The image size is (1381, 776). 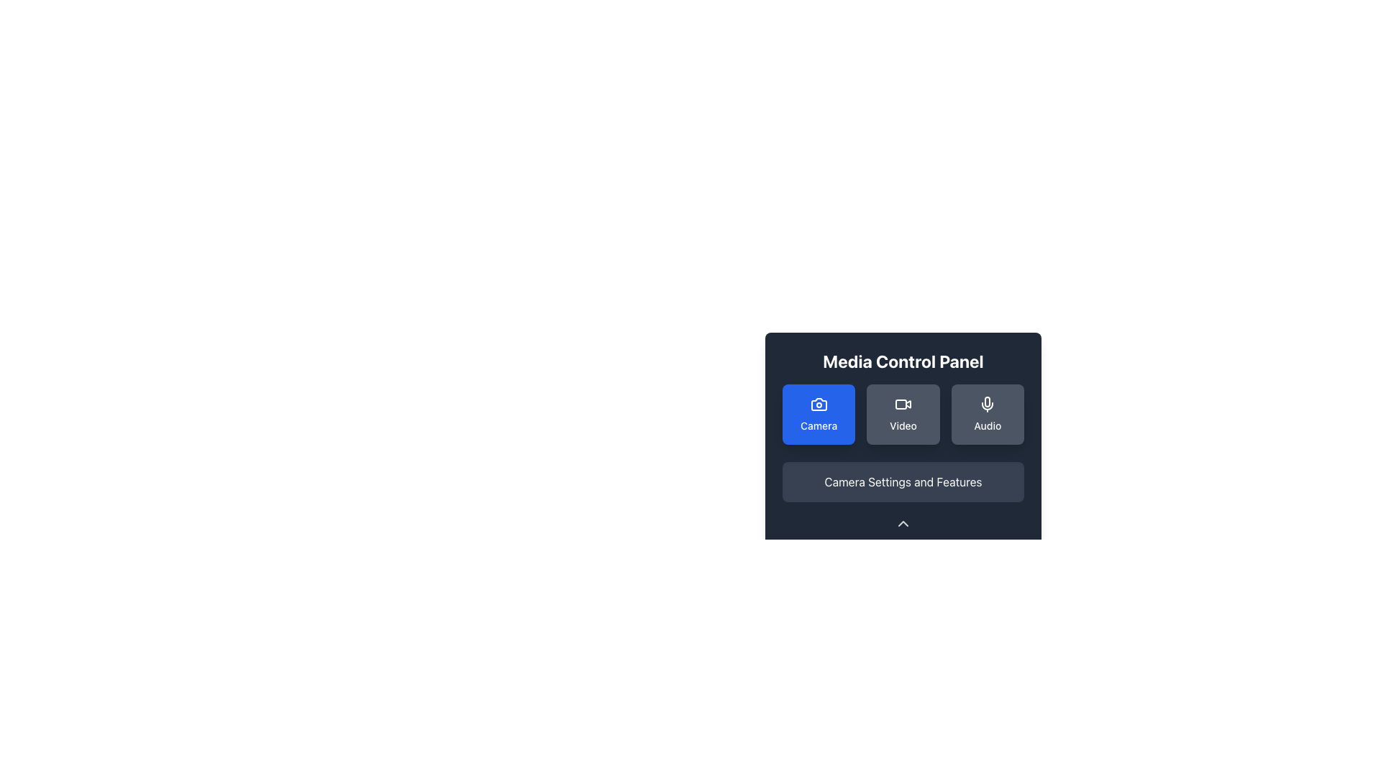 I want to click on the second button in the media control panel, so click(x=903, y=415).